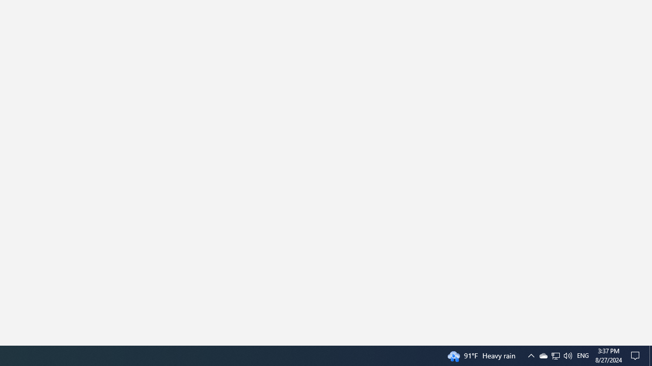 The height and width of the screenshot is (366, 652). What do you see at coordinates (650, 355) in the screenshot?
I see `'Show desktop'` at bounding box center [650, 355].